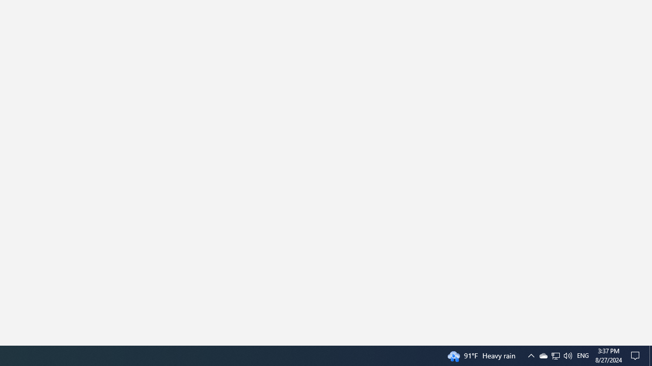 The height and width of the screenshot is (366, 652). What do you see at coordinates (650, 355) in the screenshot?
I see `'Show desktop'` at bounding box center [650, 355].